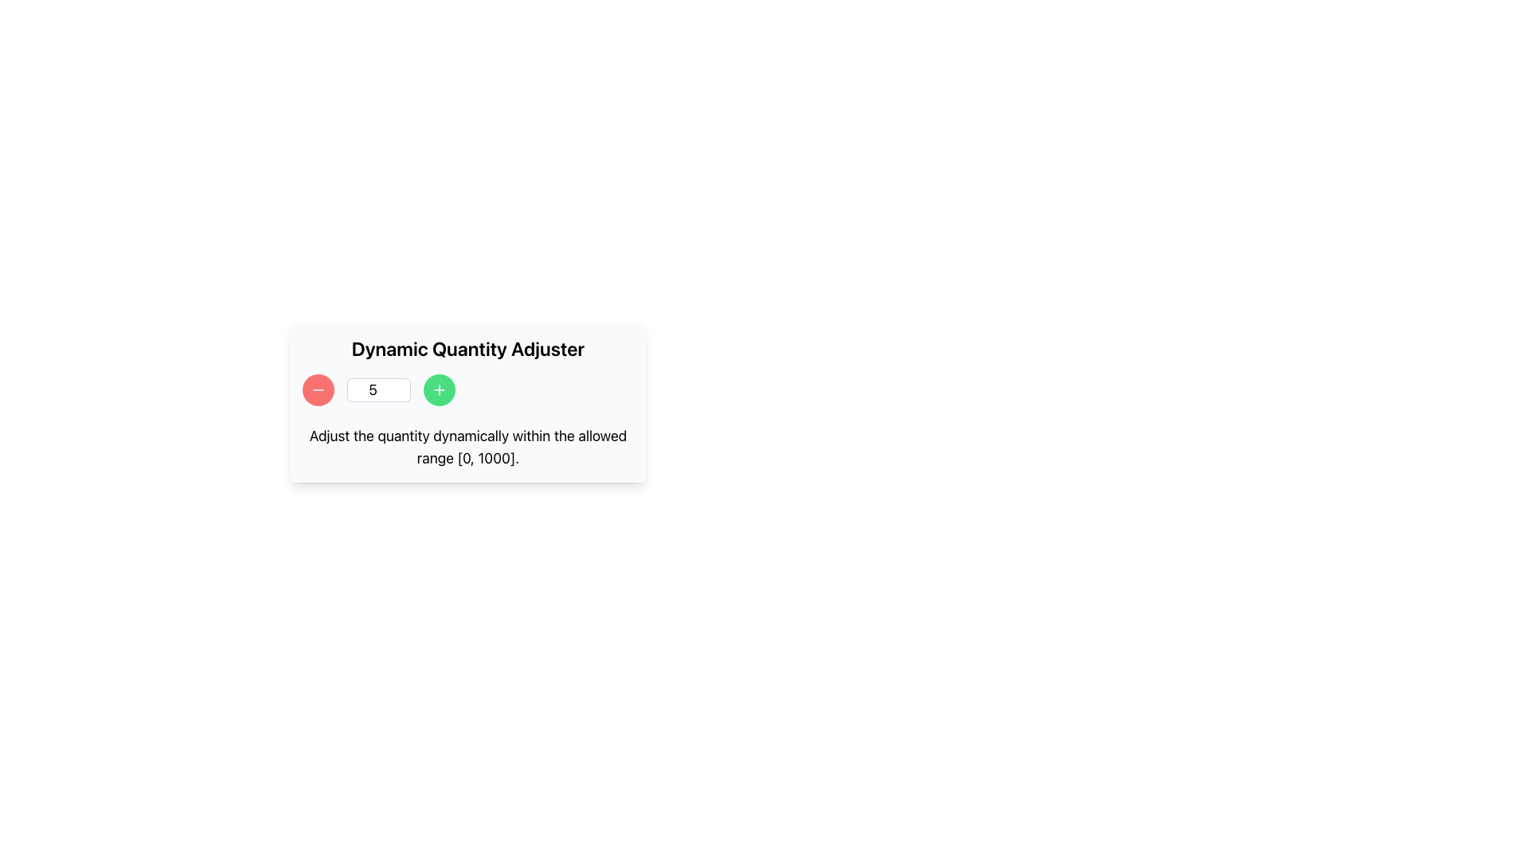 The height and width of the screenshot is (860, 1529). I want to click on the leftmost button in the 'Dynamic Quantity Adjuster' to decrement the displayed value by one unit, so click(318, 389).